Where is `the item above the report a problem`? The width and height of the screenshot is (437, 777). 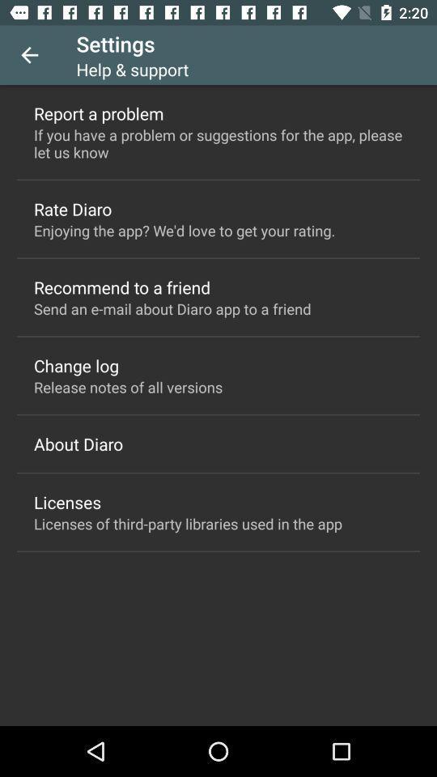 the item above the report a problem is located at coordinates (29, 55).